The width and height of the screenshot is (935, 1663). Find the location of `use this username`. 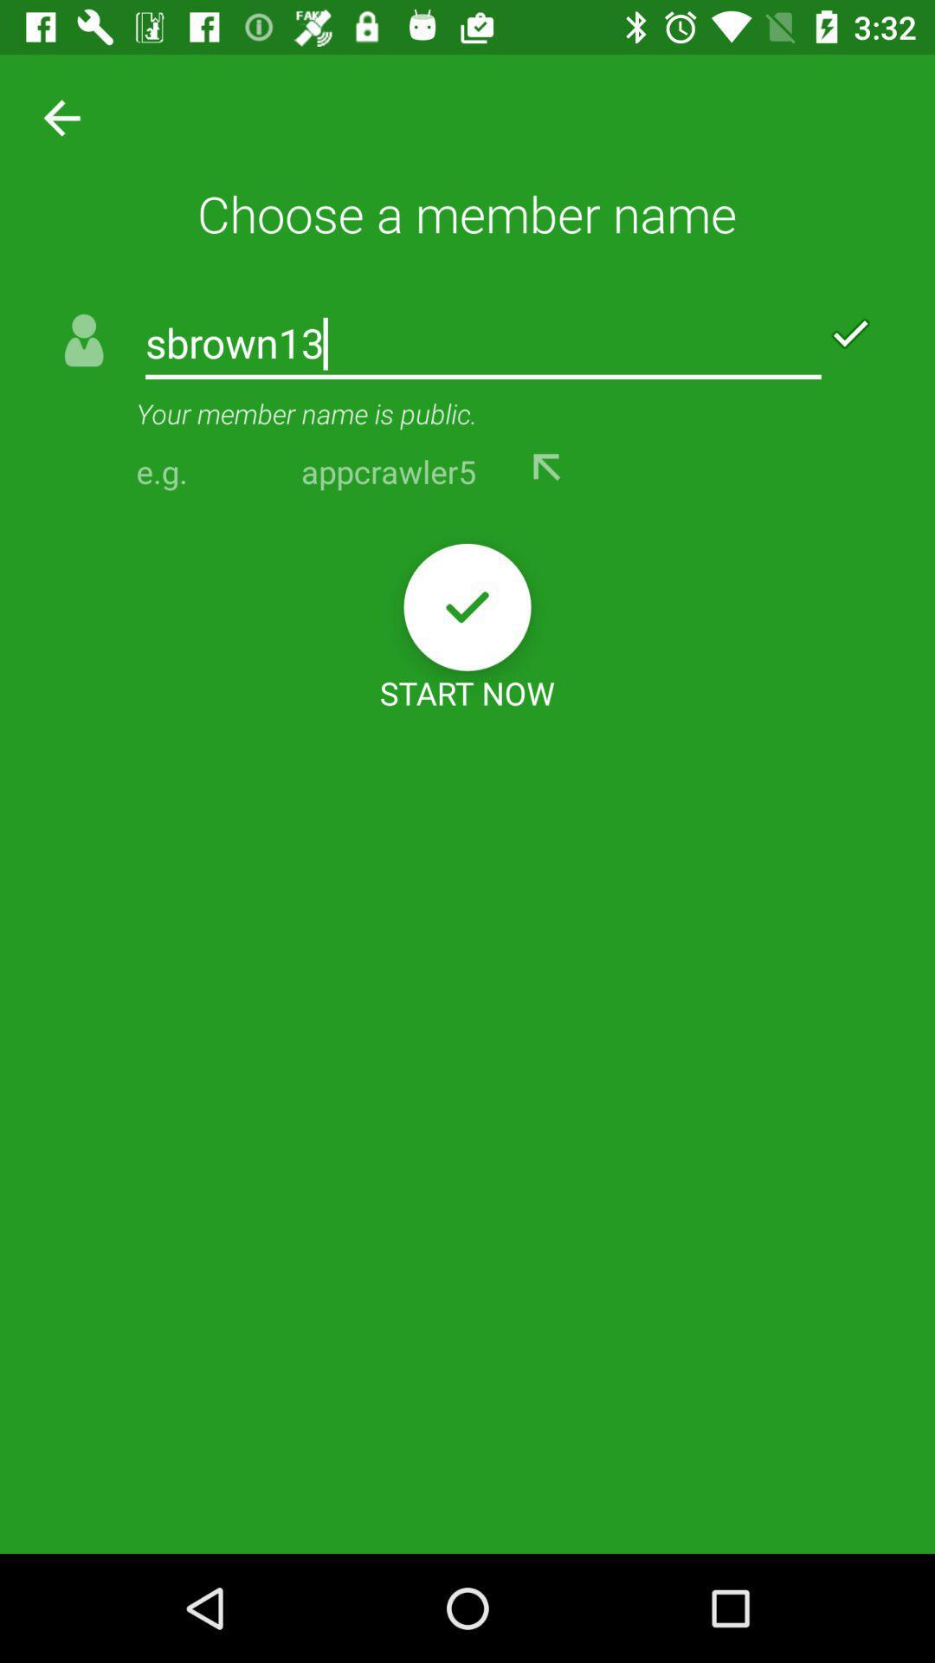

use this username is located at coordinates (547, 467).